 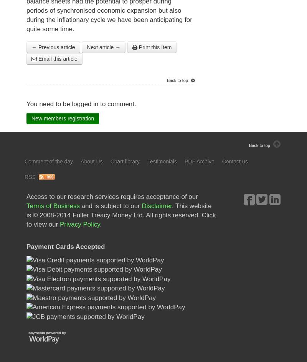 I want to click on 'Access to our research services requires acceptance of our', so click(x=112, y=196).